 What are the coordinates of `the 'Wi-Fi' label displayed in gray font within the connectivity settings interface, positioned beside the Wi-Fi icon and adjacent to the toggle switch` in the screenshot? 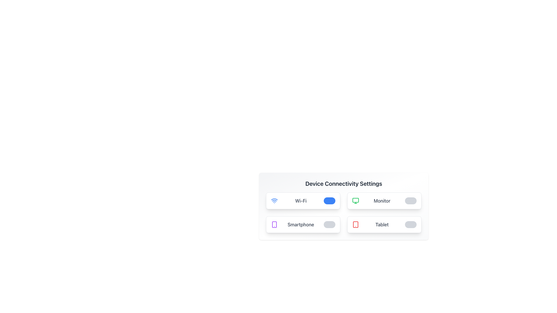 It's located at (301, 201).